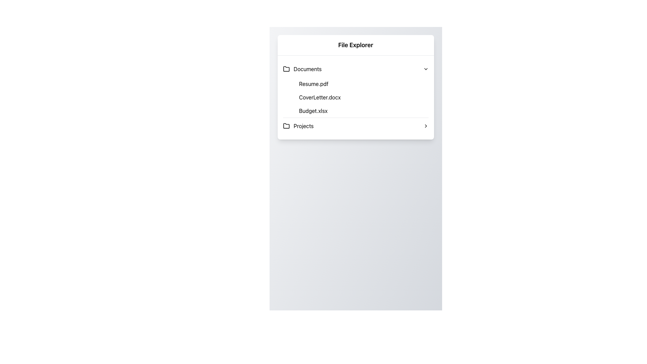 The image size is (647, 364). Describe the element at coordinates (361, 84) in the screenshot. I see `the file entry named 'Resume.pdf' at the top of the list in the 'Documents' section` at that location.